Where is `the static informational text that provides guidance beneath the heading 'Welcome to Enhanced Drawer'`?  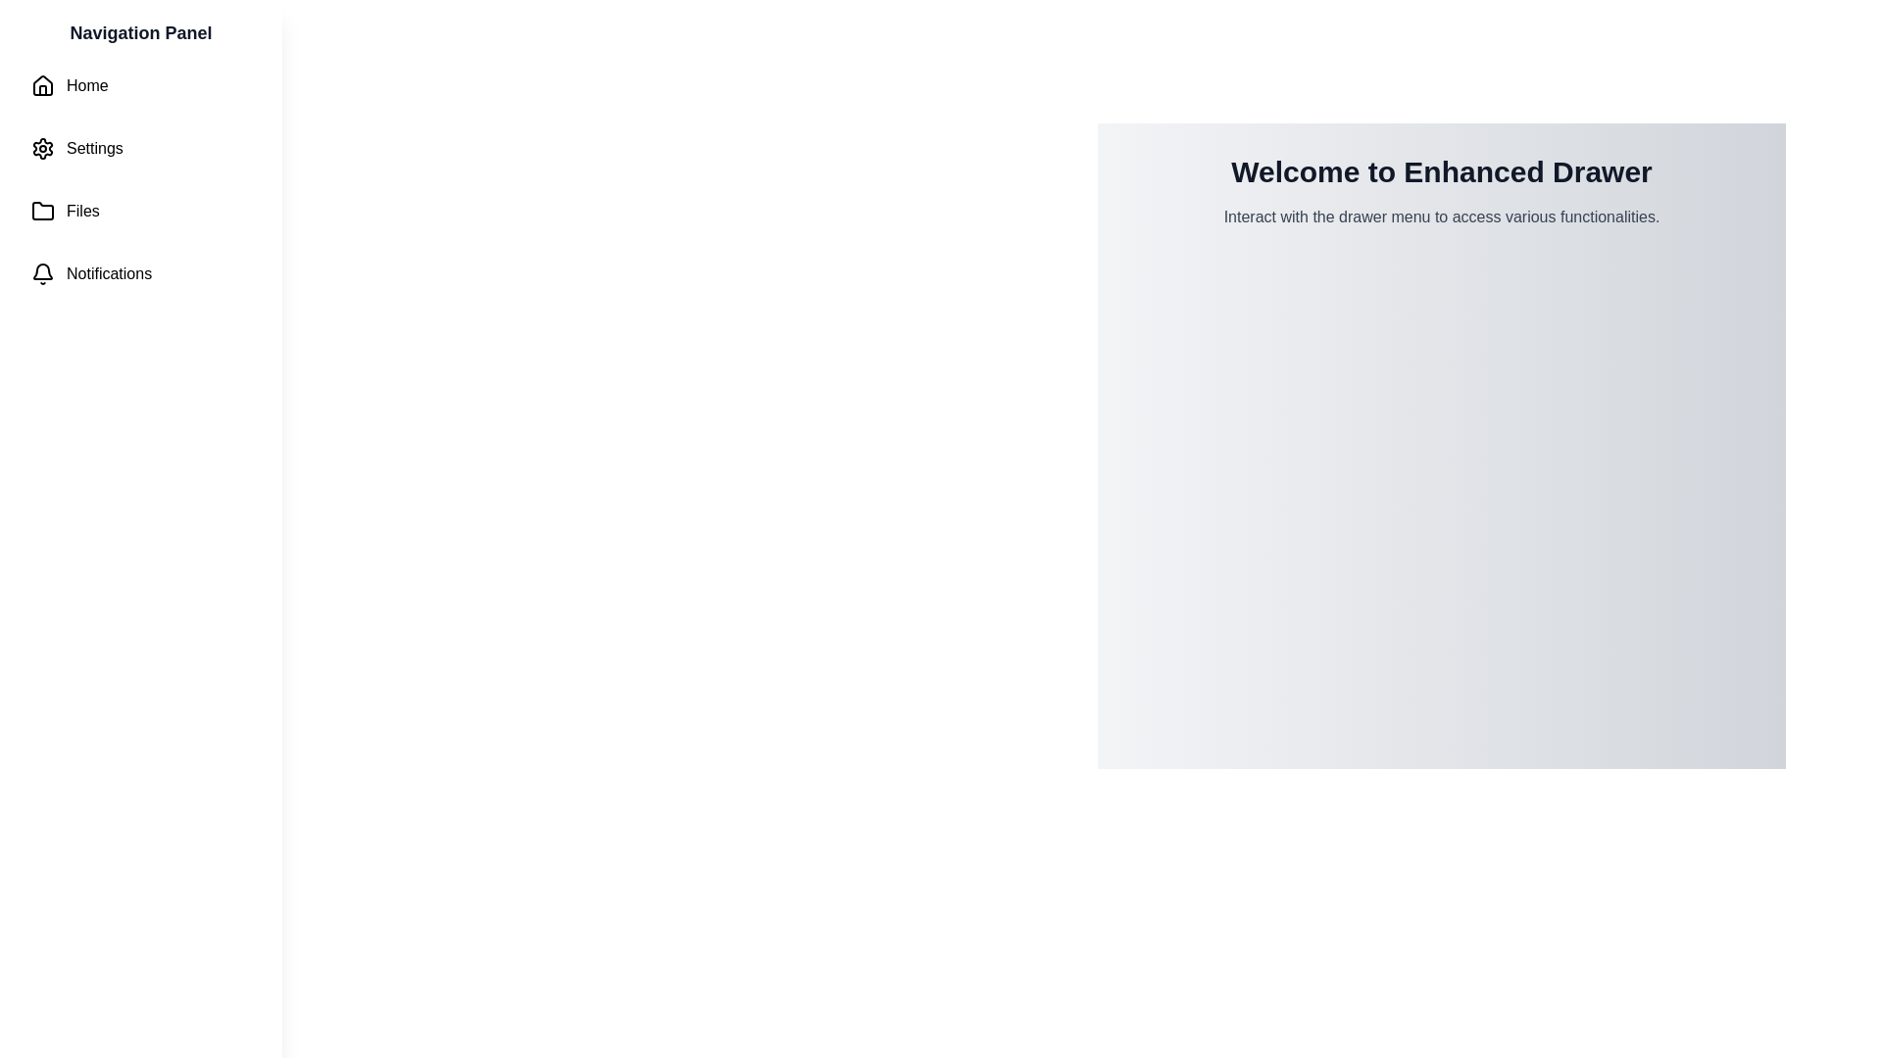 the static informational text that provides guidance beneath the heading 'Welcome to Enhanced Drawer' is located at coordinates (1441, 217).